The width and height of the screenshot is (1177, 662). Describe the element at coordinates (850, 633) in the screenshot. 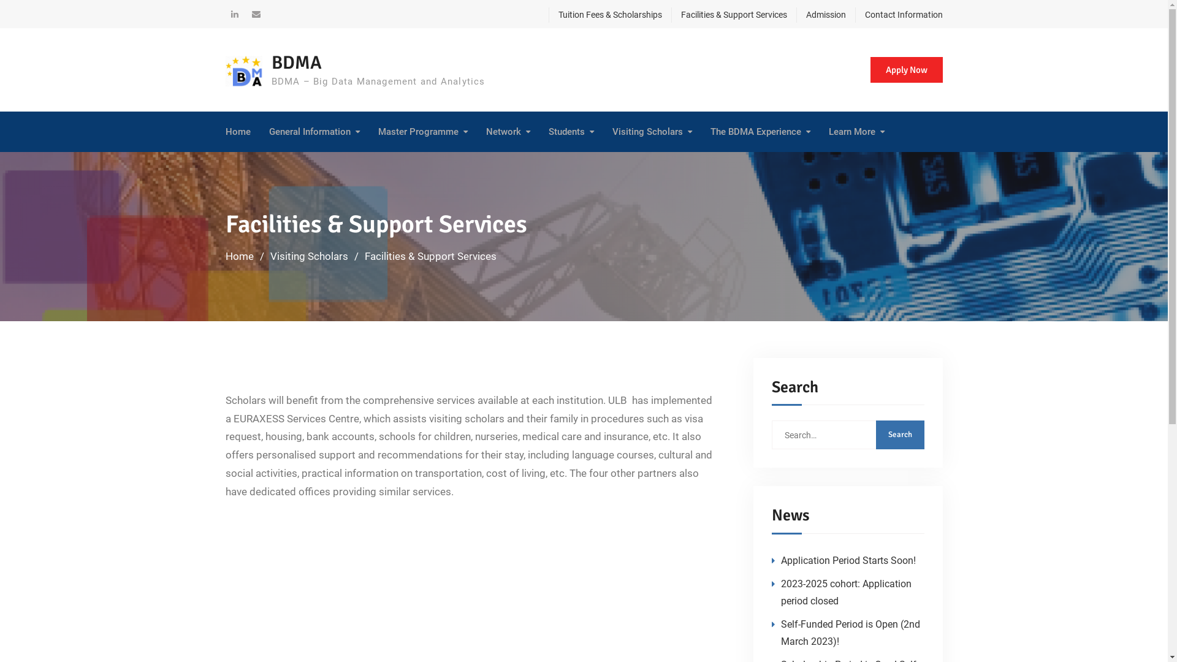

I see `'Self-Funded Period is Open (2nd March 2023)!'` at that location.